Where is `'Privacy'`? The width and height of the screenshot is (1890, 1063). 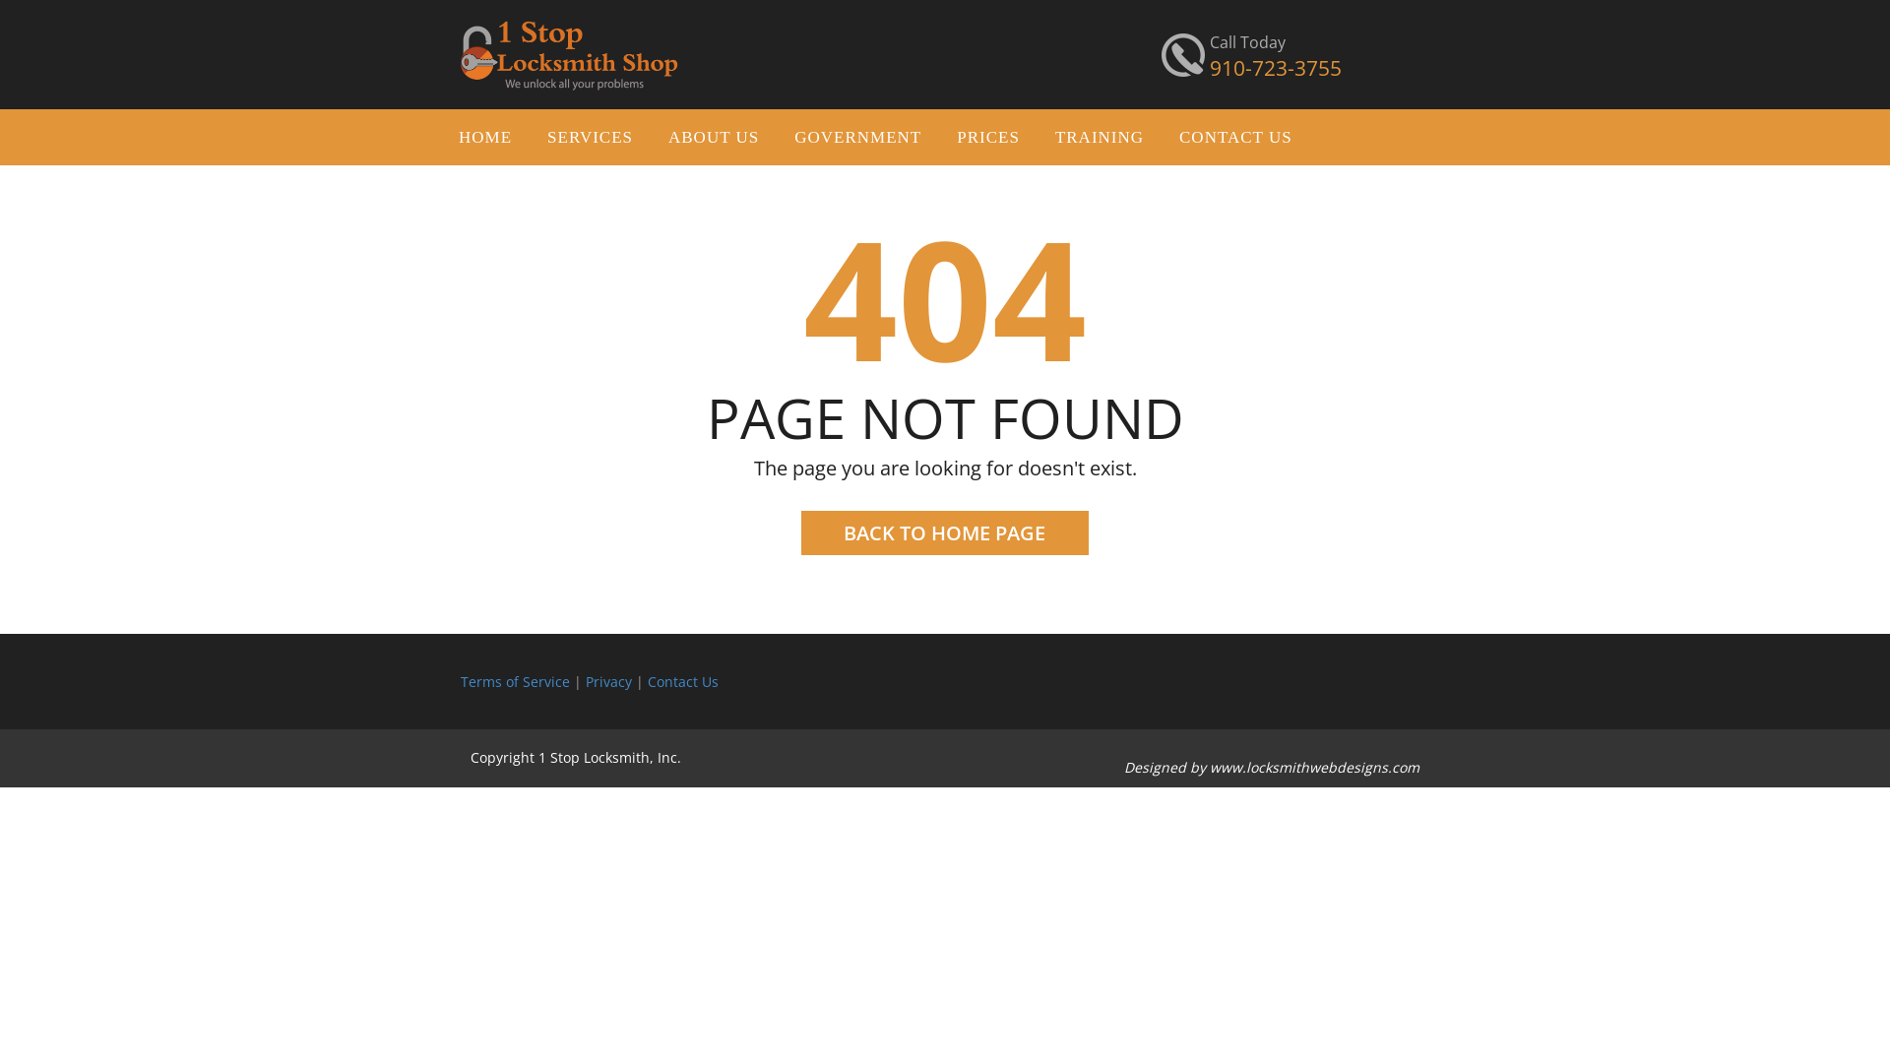 'Privacy' is located at coordinates (607, 680).